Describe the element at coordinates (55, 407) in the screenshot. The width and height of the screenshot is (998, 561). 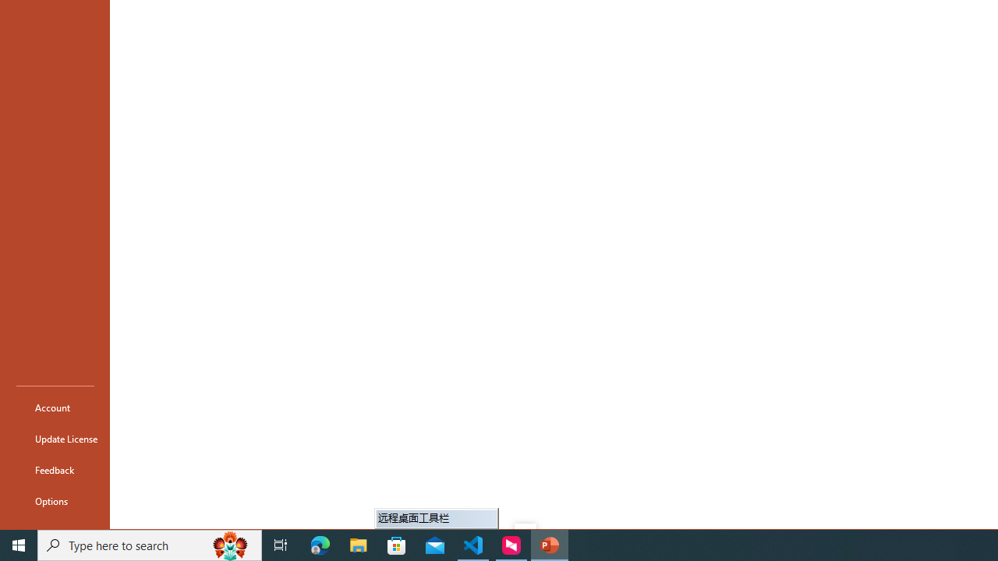
I see `'Account'` at that location.